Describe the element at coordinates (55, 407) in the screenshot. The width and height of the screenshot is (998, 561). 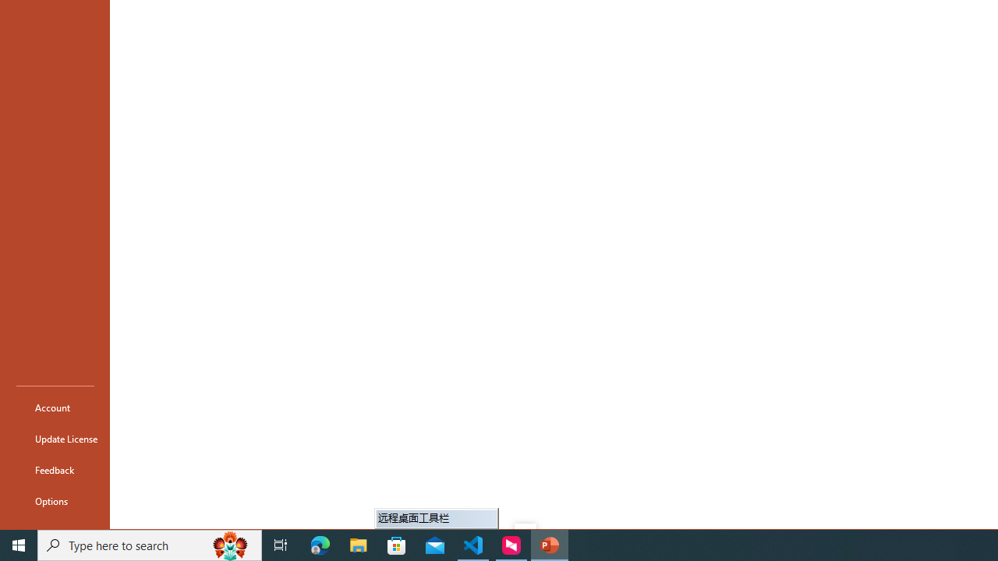
I see `'Account'` at that location.